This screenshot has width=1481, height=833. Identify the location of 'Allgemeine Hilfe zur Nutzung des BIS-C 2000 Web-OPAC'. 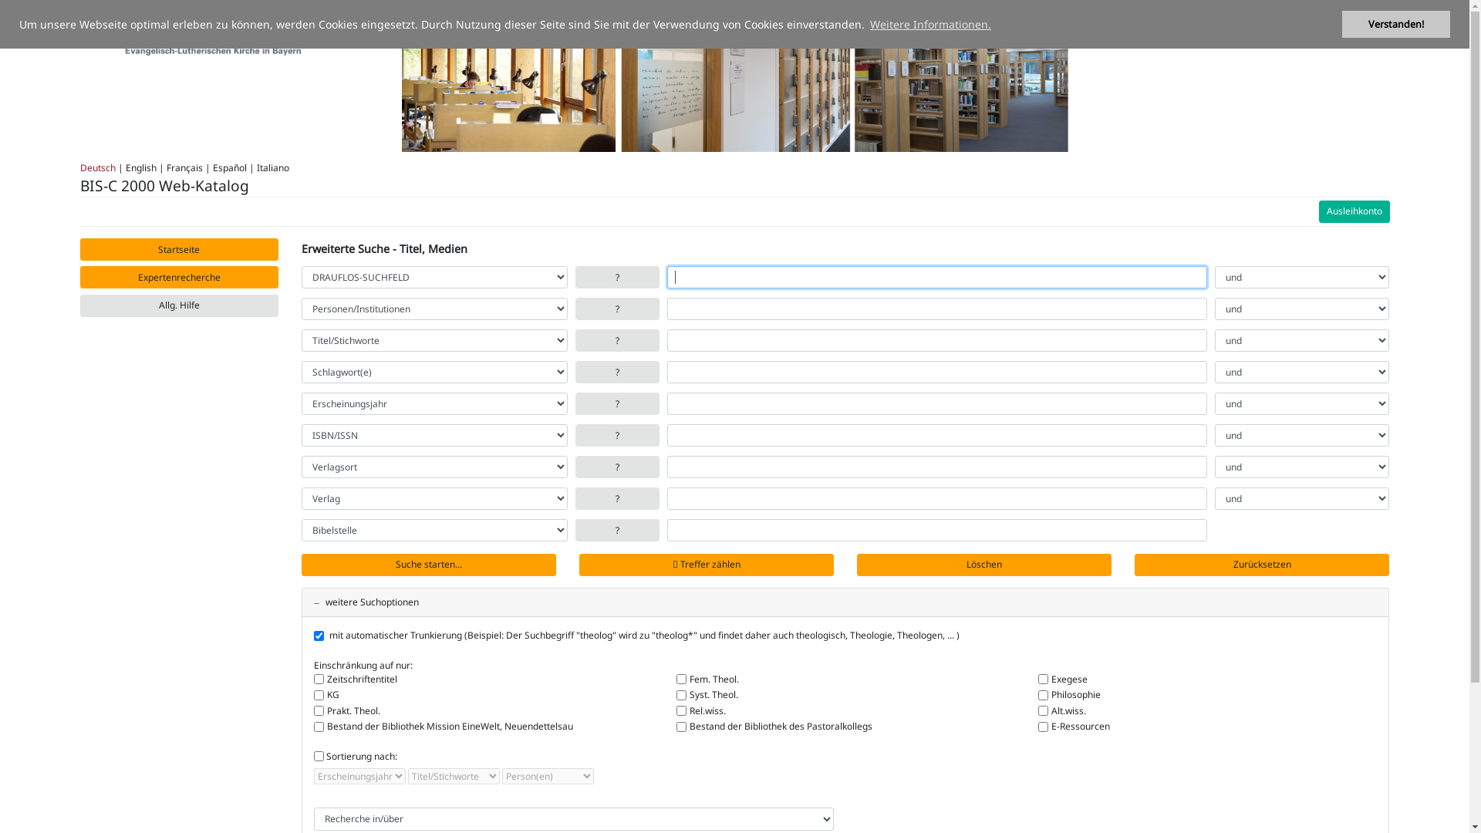
(180, 305).